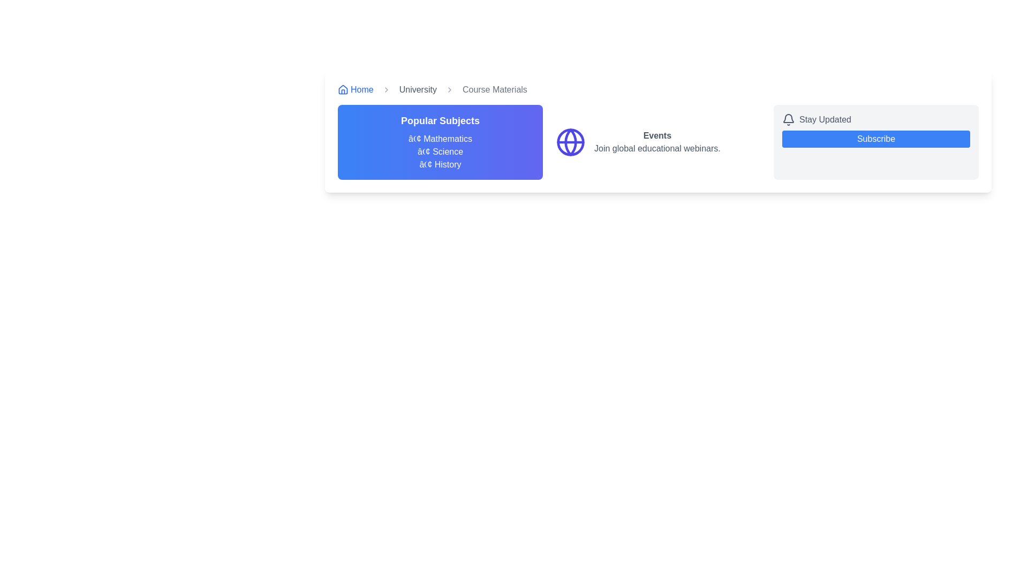 The image size is (1028, 578). What do you see at coordinates (656, 148) in the screenshot?
I see `the text label providing descriptive information for the 'Events' section, which is located below the bolded word 'Events' and to the right of a globe icon` at bounding box center [656, 148].